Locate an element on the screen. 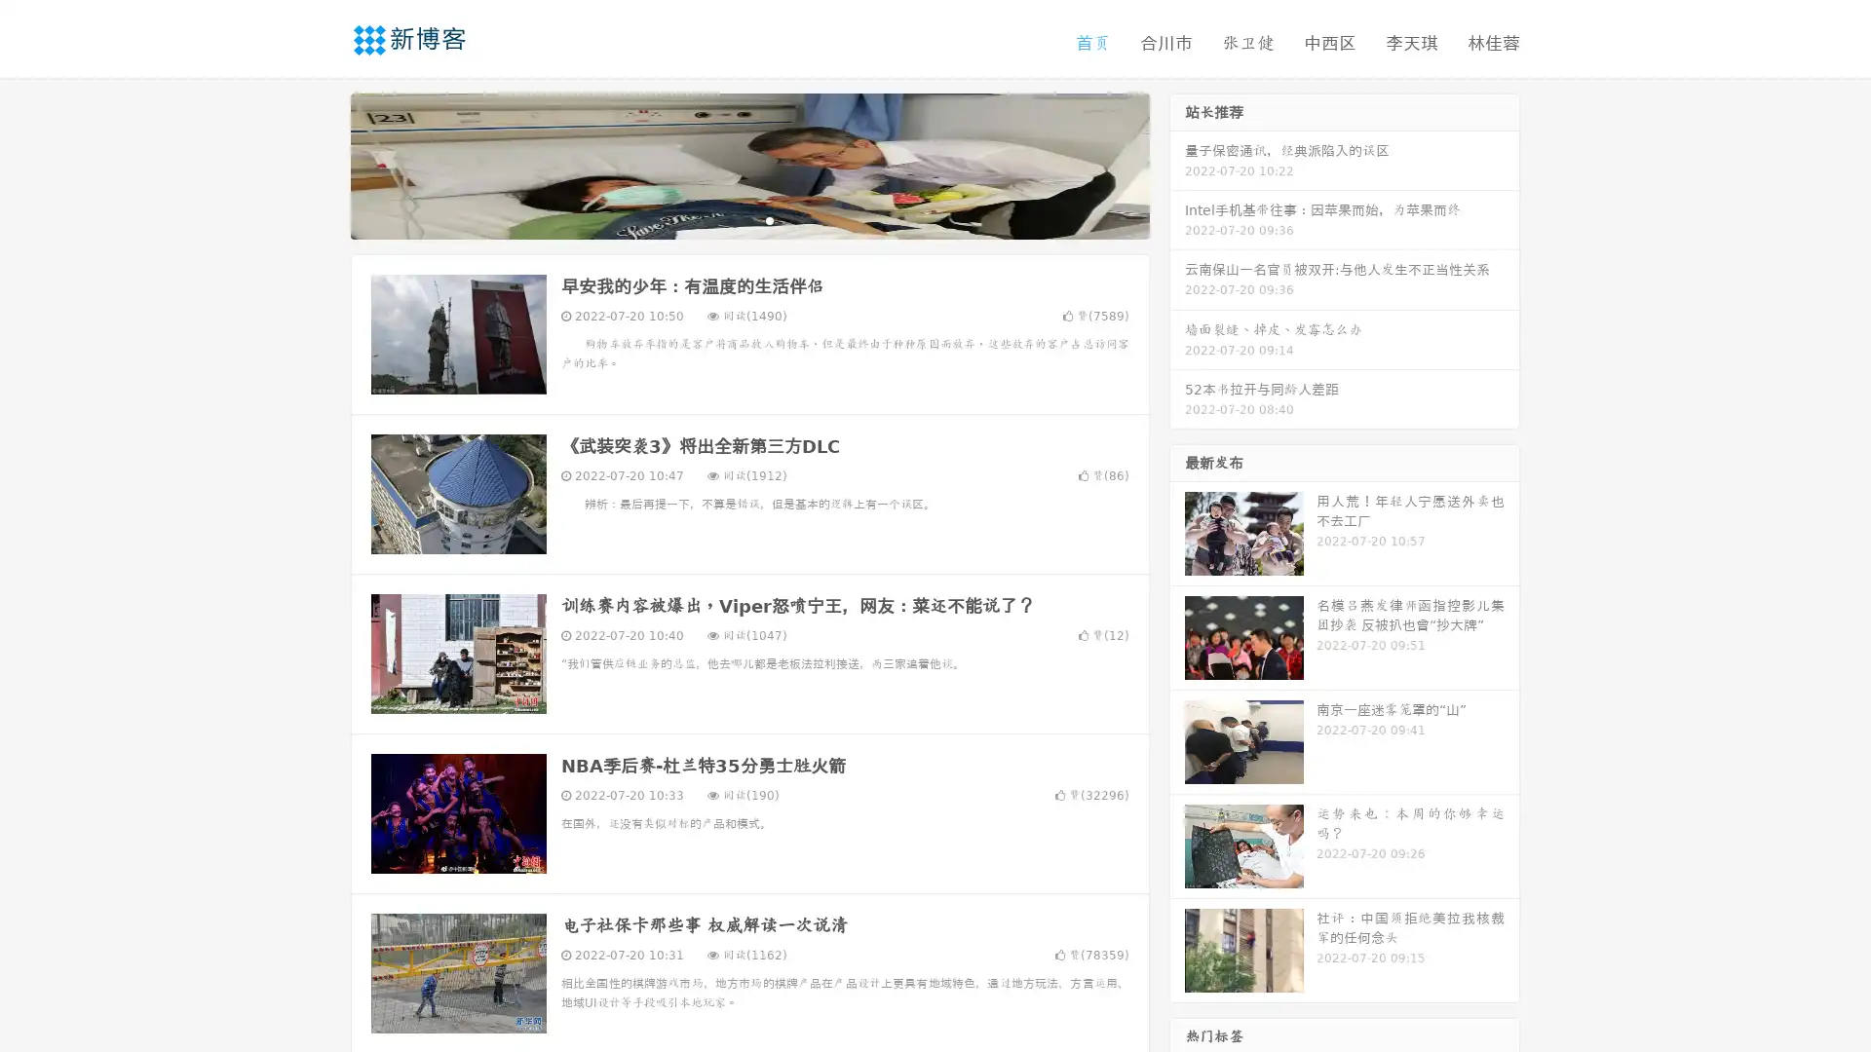 The height and width of the screenshot is (1052, 1871). Previous slide is located at coordinates (322, 164).